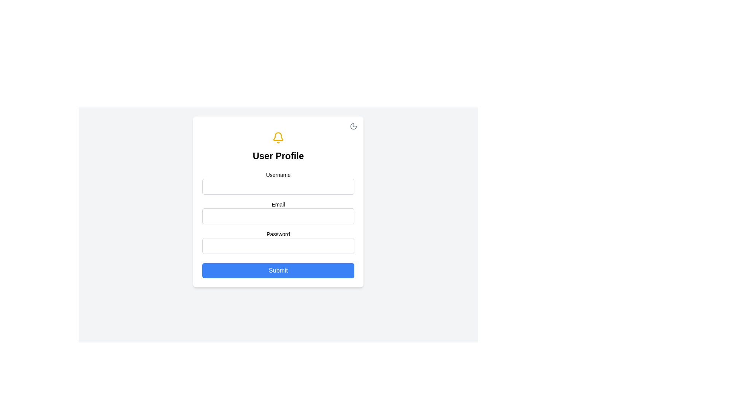 Image resolution: width=730 pixels, height=410 pixels. I want to click on the heading element that serves as the title for the profile form, located at the top center of the card section, providing context for the related inputs below, so click(278, 156).